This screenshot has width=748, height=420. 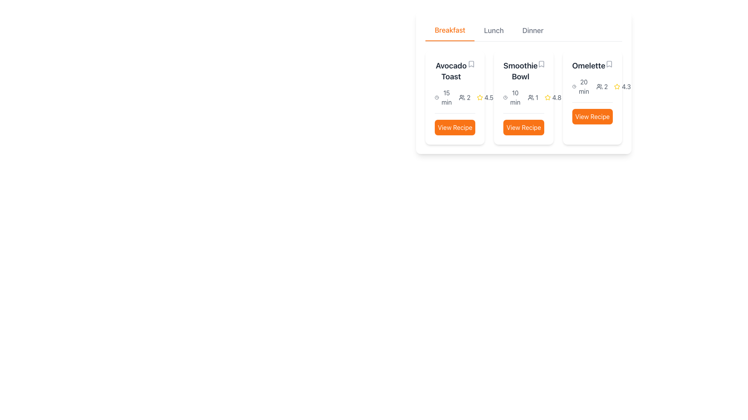 I want to click on the 'Breakfast' category button located at the top-left corner of the navigation bar, so click(x=450, y=30).